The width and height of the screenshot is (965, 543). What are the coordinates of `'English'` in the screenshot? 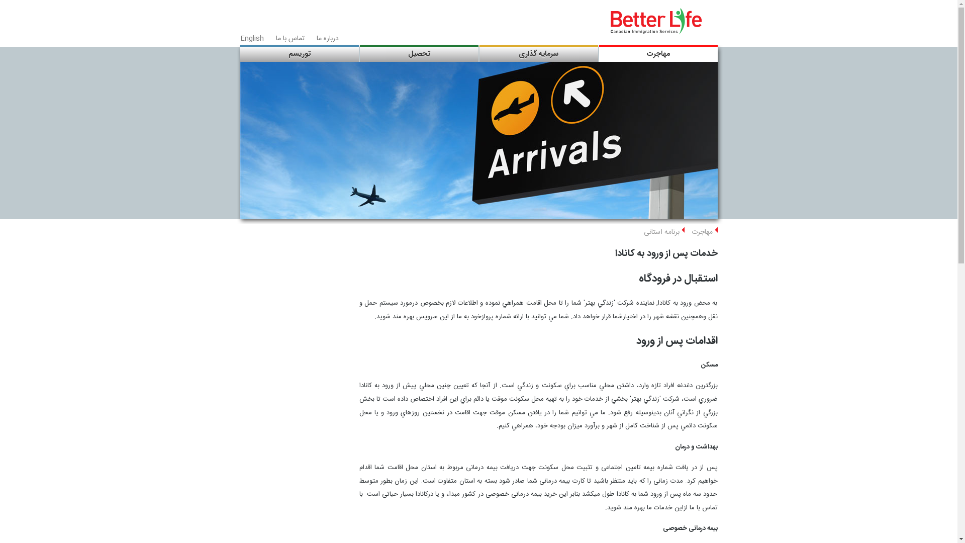 It's located at (252, 38).